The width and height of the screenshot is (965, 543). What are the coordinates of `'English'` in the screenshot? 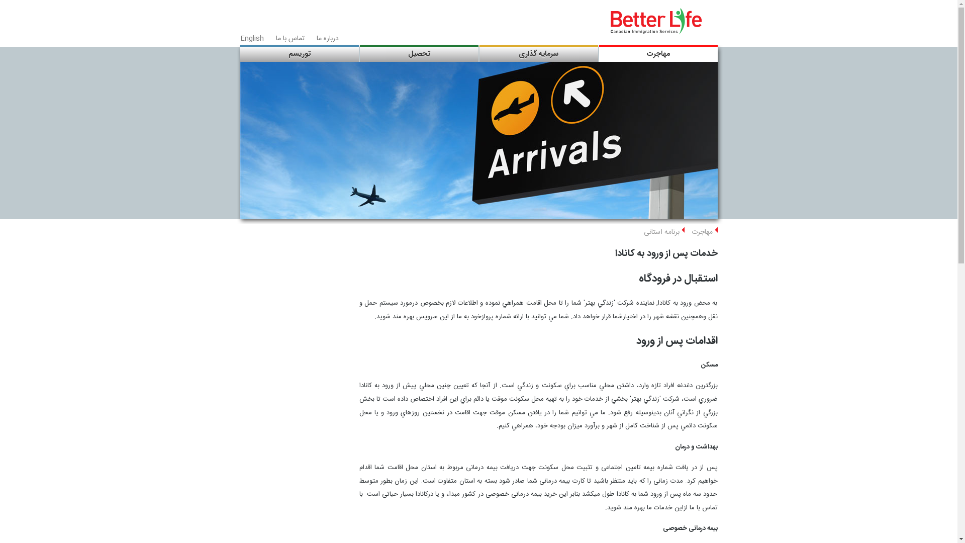 It's located at (252, 38).